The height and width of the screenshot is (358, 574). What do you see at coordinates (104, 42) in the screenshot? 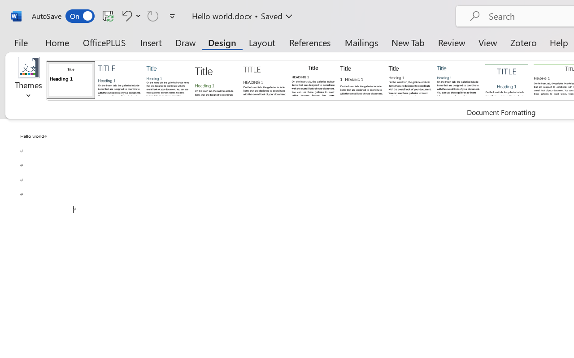
I see `'OfficePLUS'` at bounding box center [104, 42].